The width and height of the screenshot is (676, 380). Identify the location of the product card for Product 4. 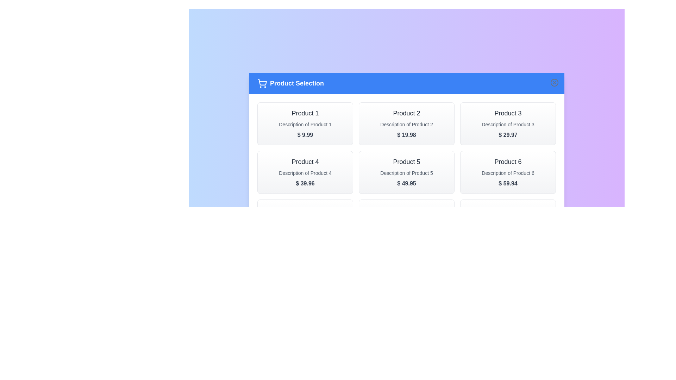
(305, 172).